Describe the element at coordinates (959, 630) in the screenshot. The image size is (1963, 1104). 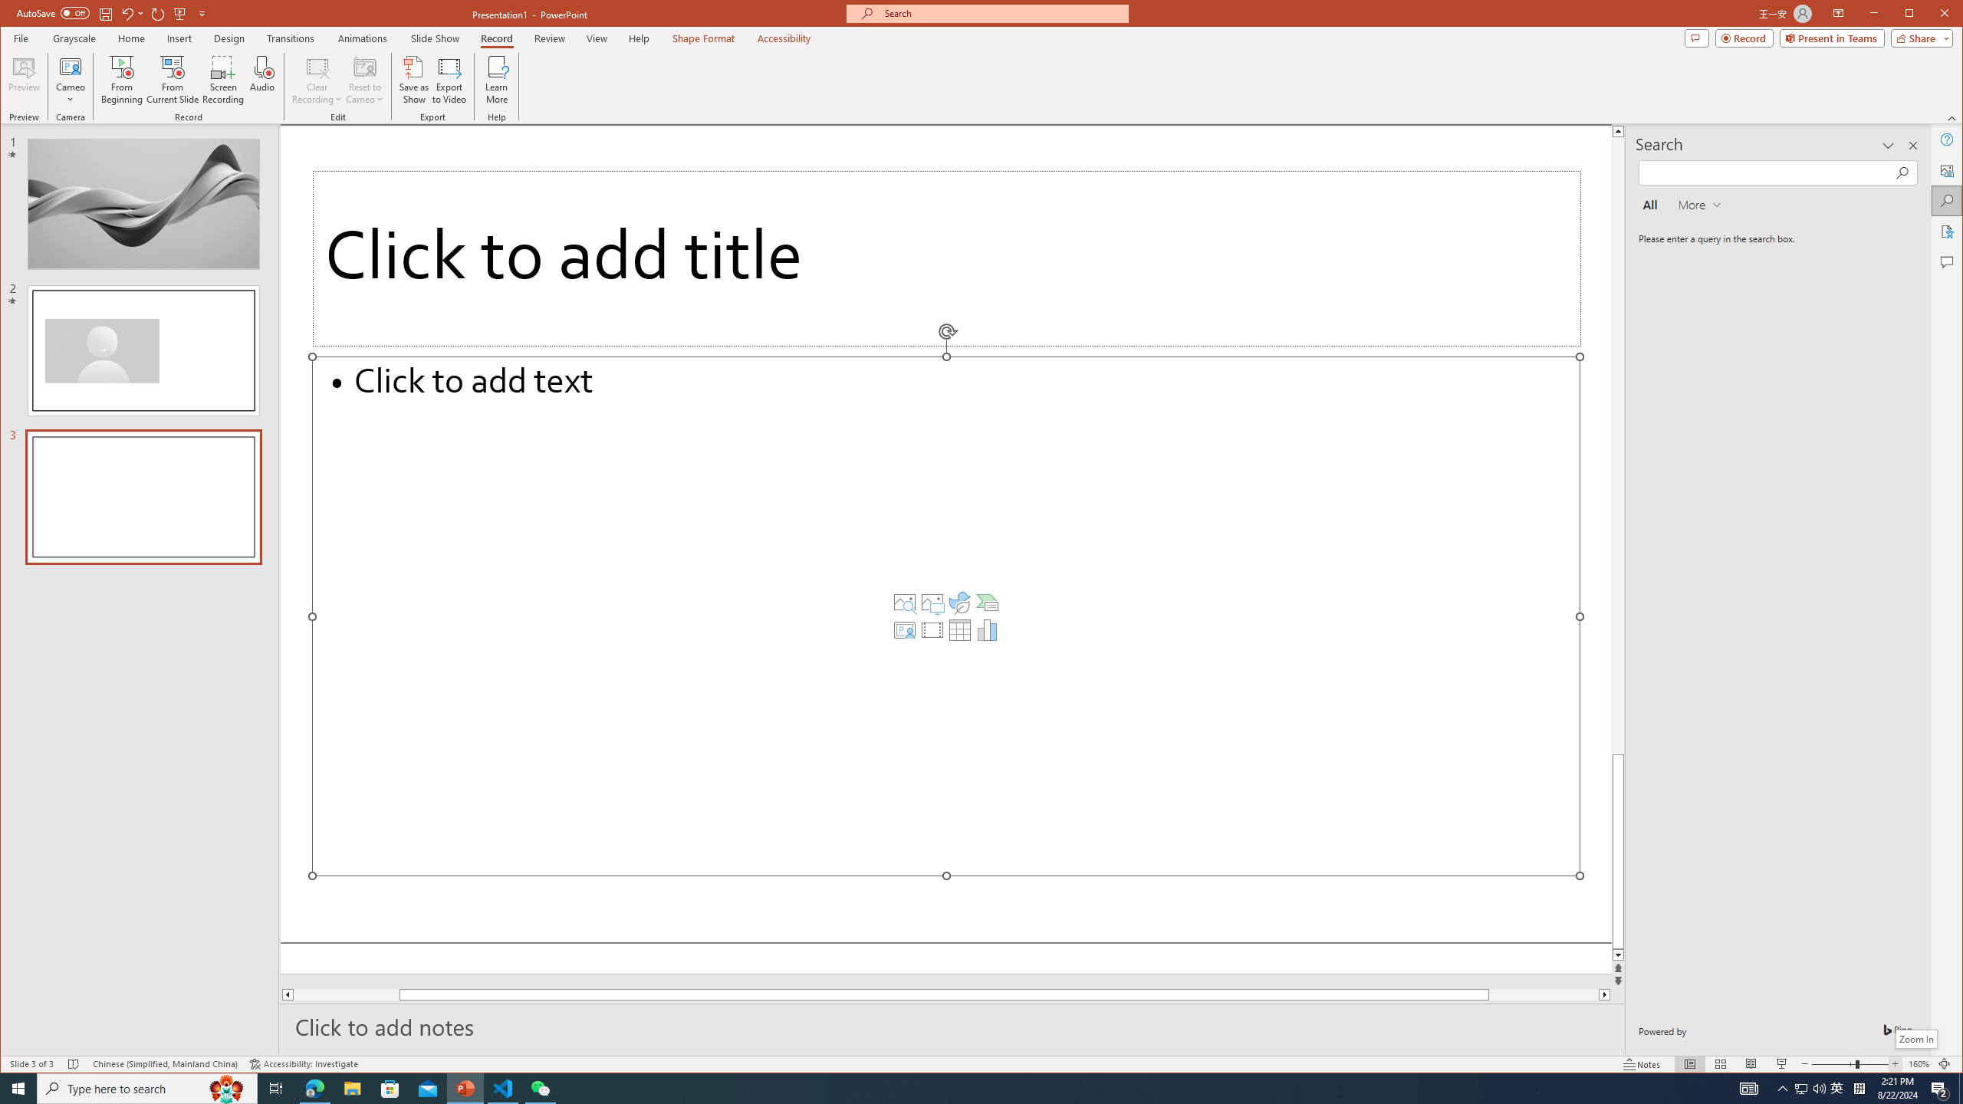
I see `'Insert Table'` at that location.